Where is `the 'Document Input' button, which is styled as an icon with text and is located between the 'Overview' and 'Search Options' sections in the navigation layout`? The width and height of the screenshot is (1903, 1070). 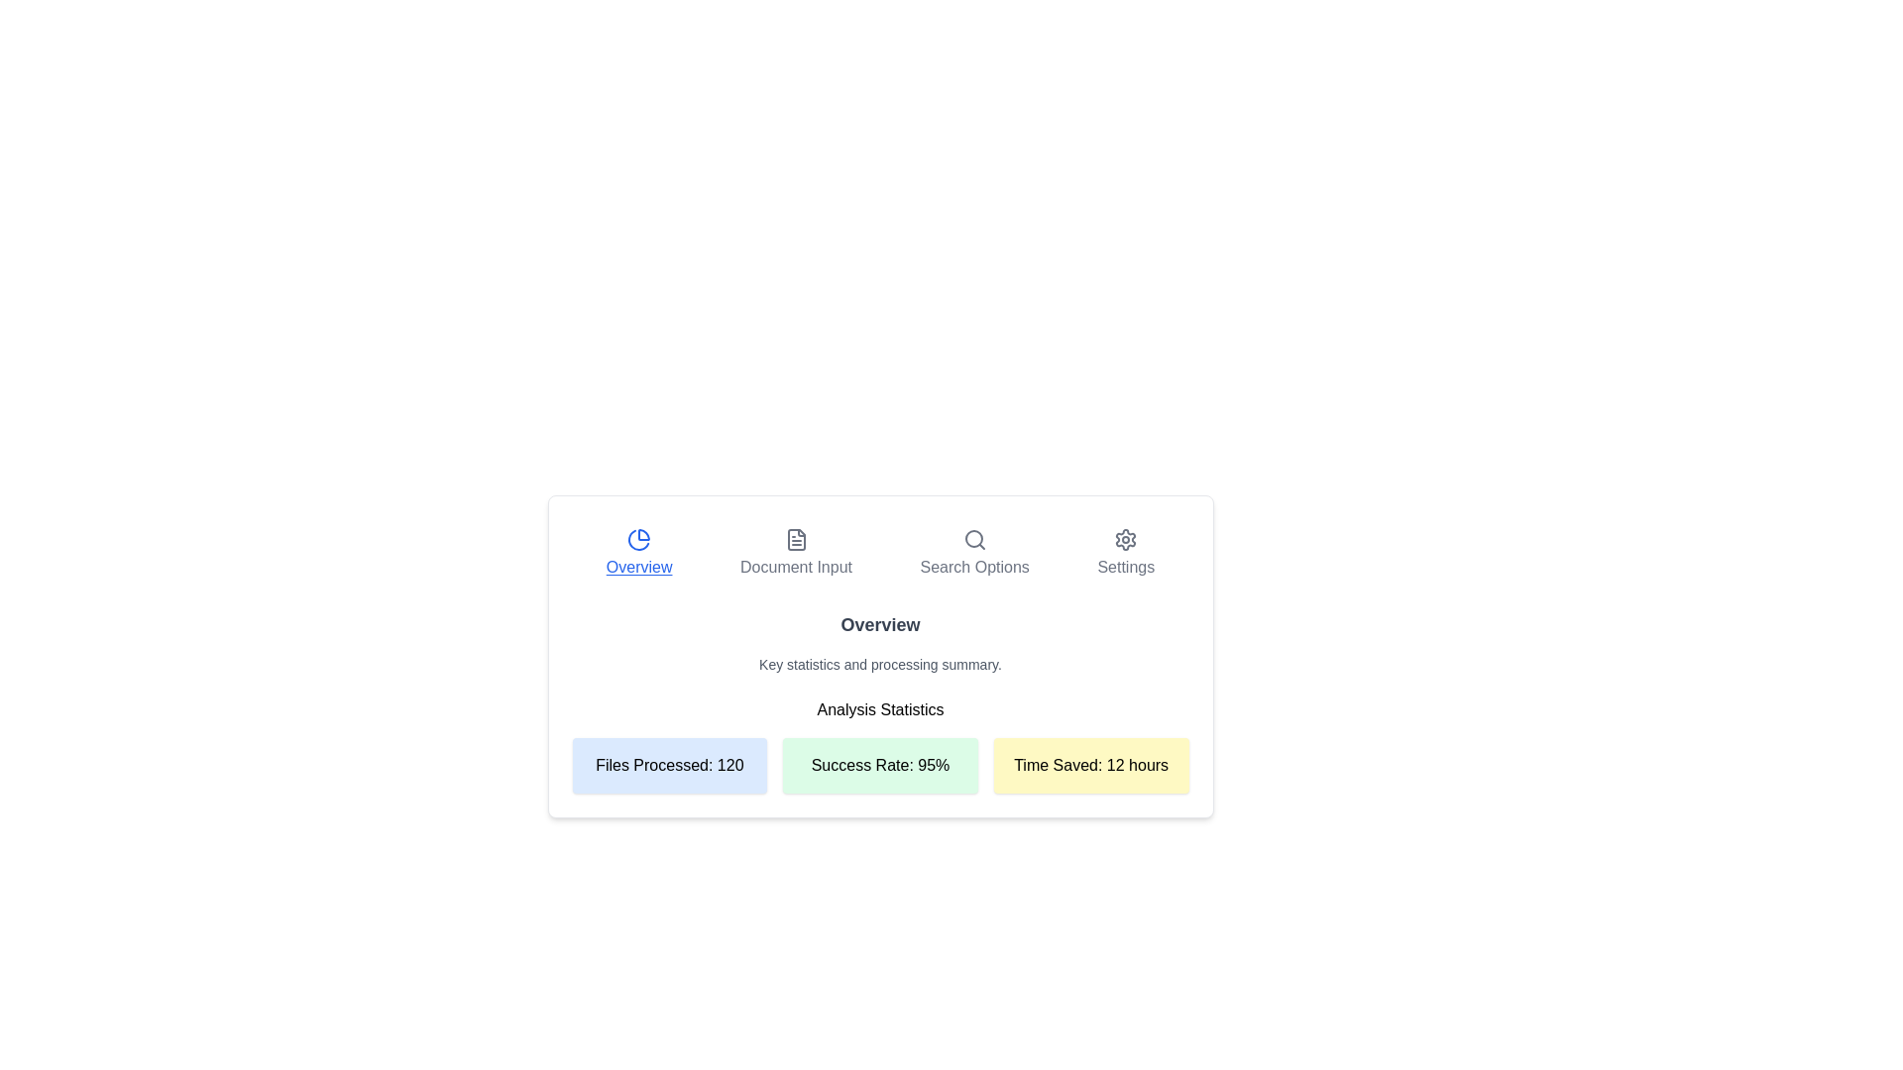 the 'Document Input' button, which is styled as an icon with text and is located between the 'Overview' and 'Search Options' sections in the navigation layout is located at coordinates (796, 554).